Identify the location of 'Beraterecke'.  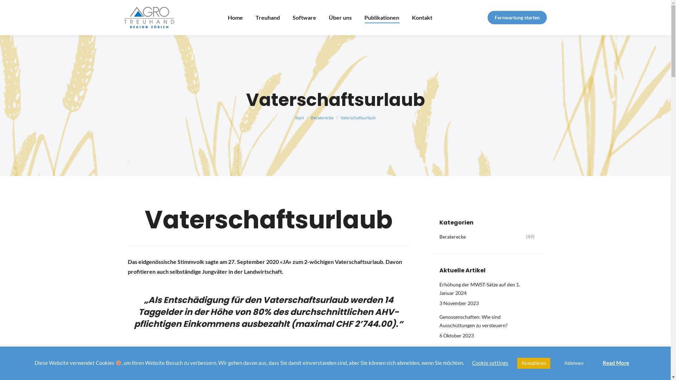
(311, 117).